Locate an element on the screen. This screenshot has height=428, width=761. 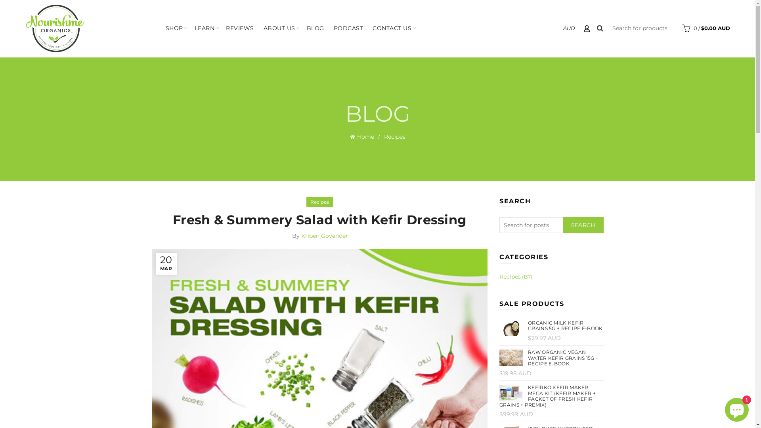
'Recipes' is located at coordinates (394, 136).